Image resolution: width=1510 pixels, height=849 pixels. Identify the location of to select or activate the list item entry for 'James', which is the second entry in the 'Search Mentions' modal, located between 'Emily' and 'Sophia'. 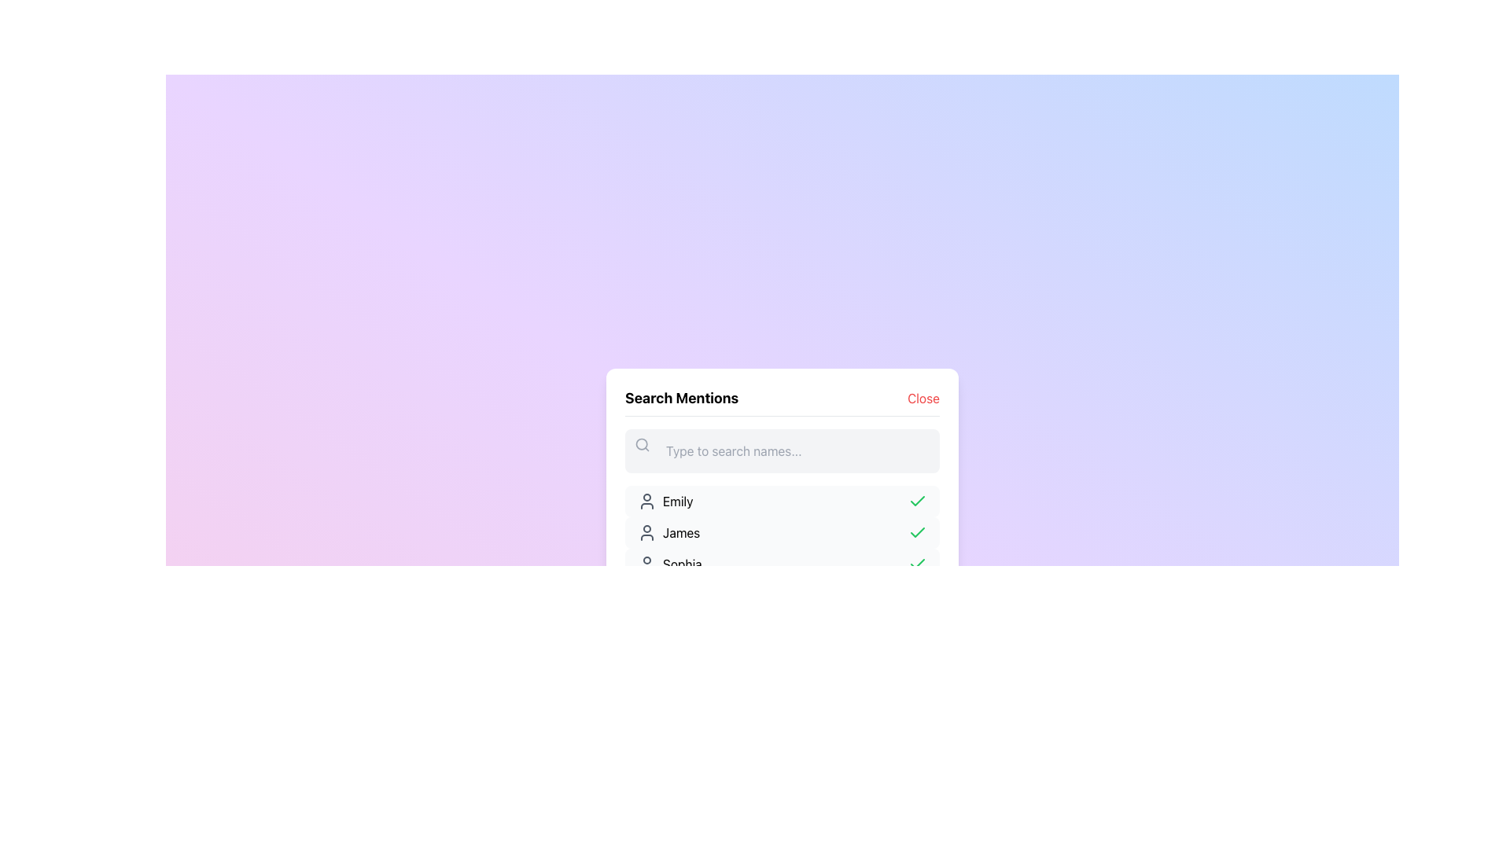
(782, 547).